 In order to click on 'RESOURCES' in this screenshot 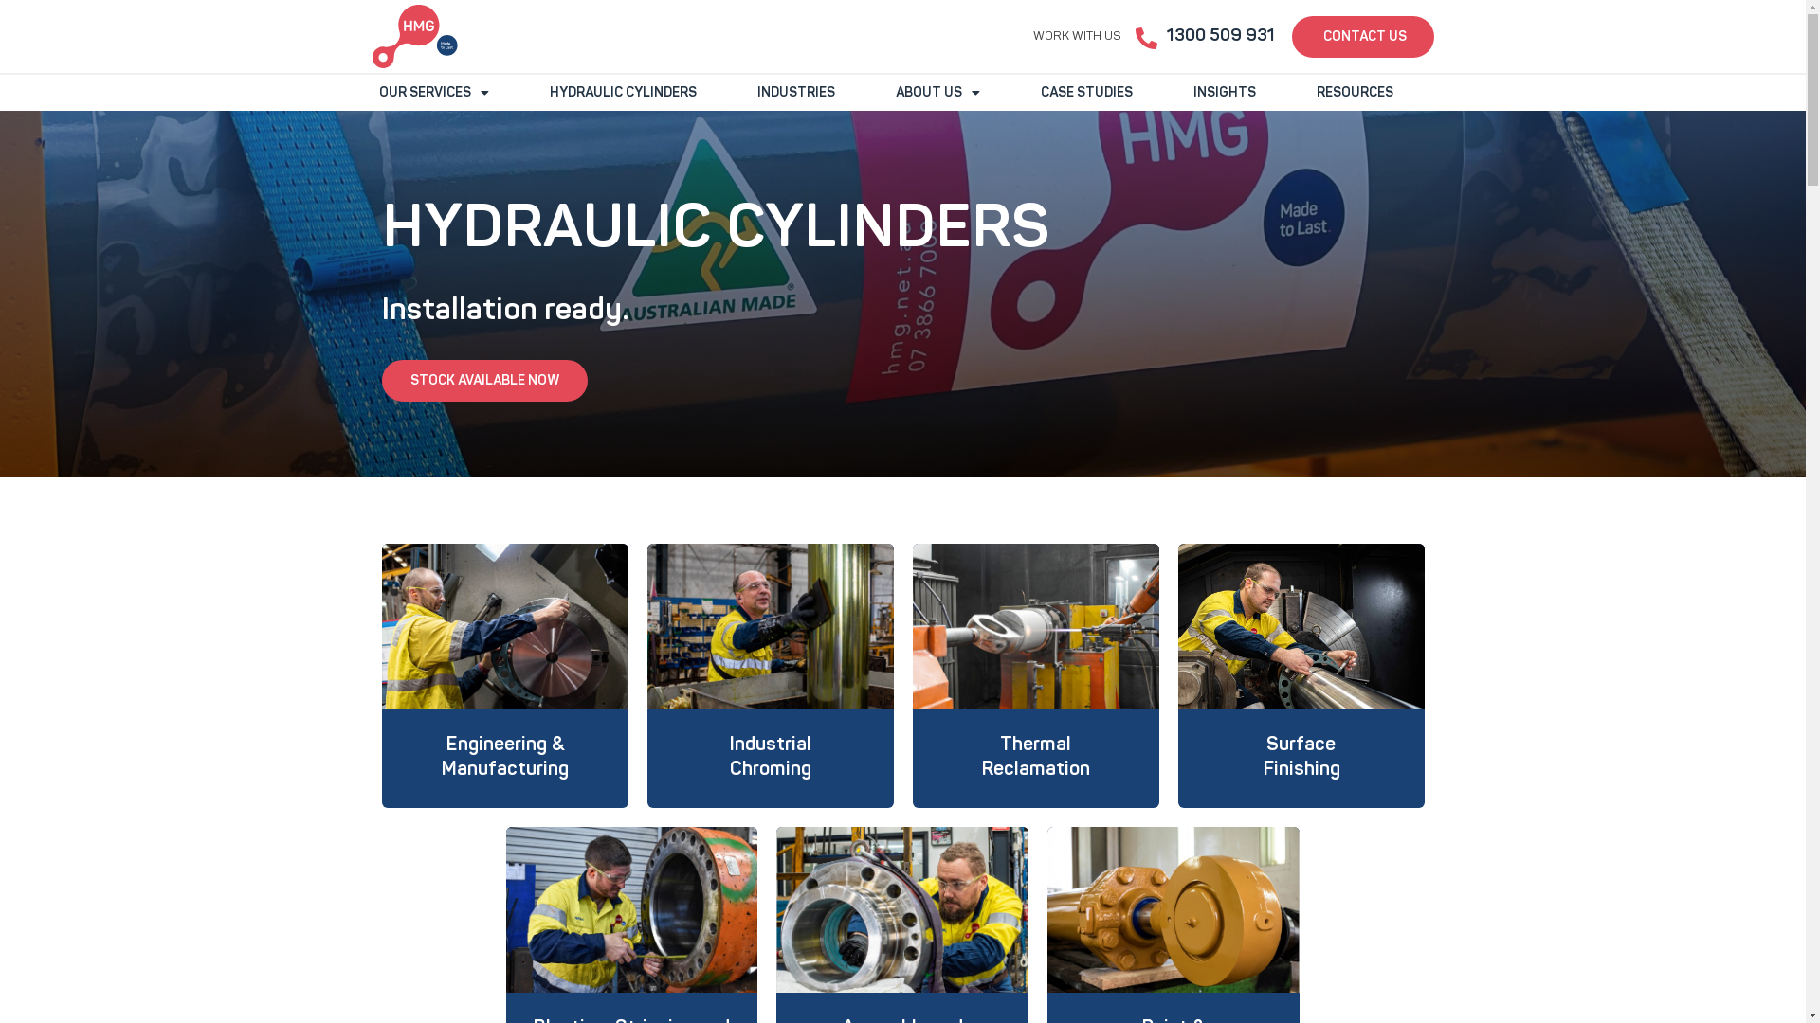, I will do `click(1354, 92)`.